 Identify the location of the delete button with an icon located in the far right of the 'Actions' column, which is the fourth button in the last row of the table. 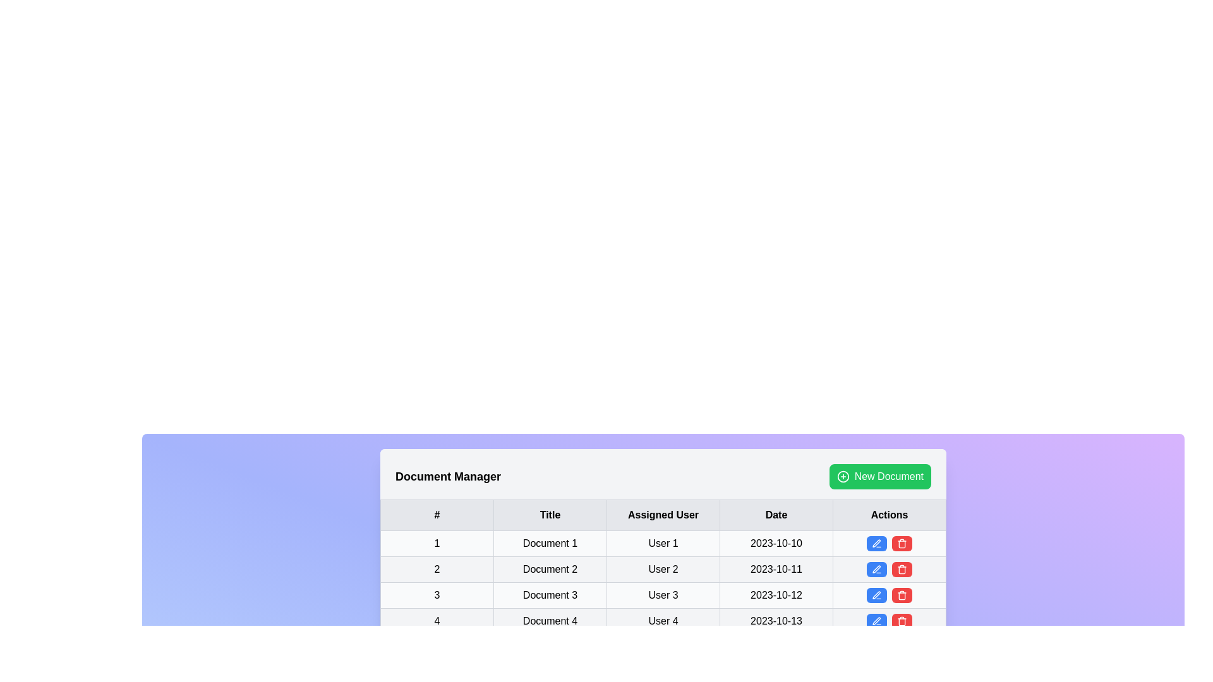
(902, 620).